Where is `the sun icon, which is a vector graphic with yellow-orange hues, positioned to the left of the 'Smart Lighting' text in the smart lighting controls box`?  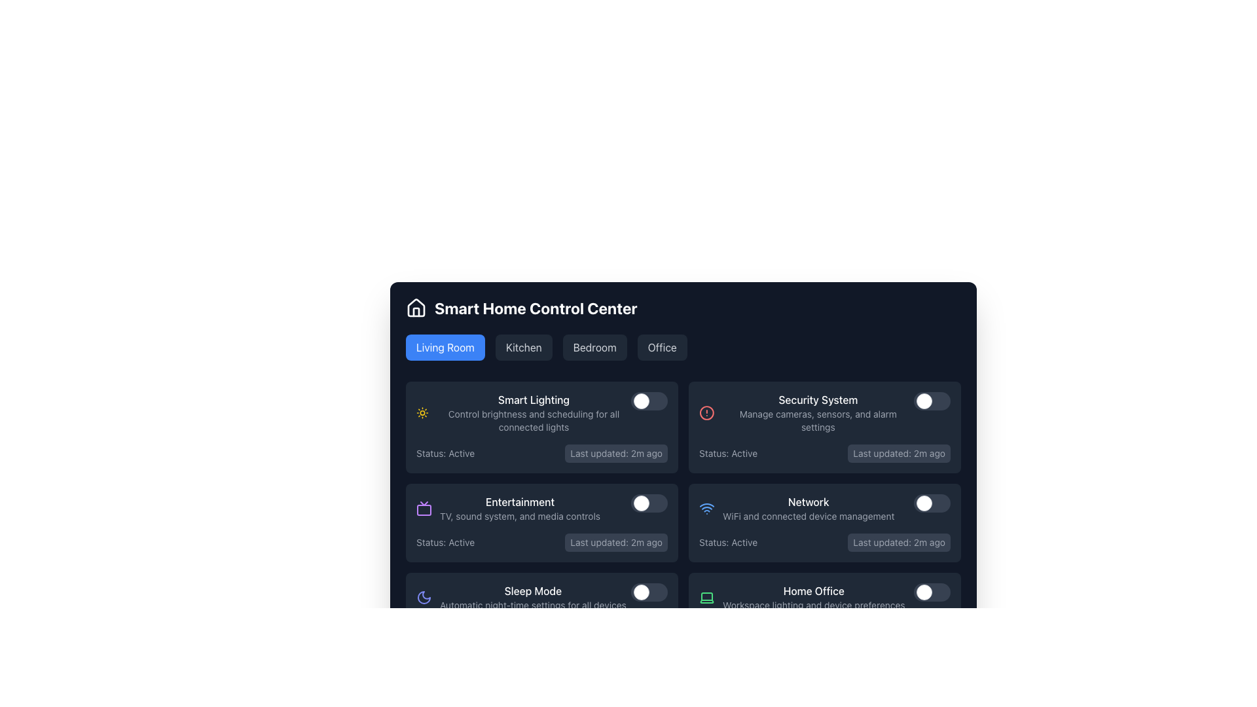 the sun icon, which is a vector graphic with yellow-orange hues, positioned to the left of the 'Smart Lighting' text in the smart lighting controls box is located at coordinates (422, 413).